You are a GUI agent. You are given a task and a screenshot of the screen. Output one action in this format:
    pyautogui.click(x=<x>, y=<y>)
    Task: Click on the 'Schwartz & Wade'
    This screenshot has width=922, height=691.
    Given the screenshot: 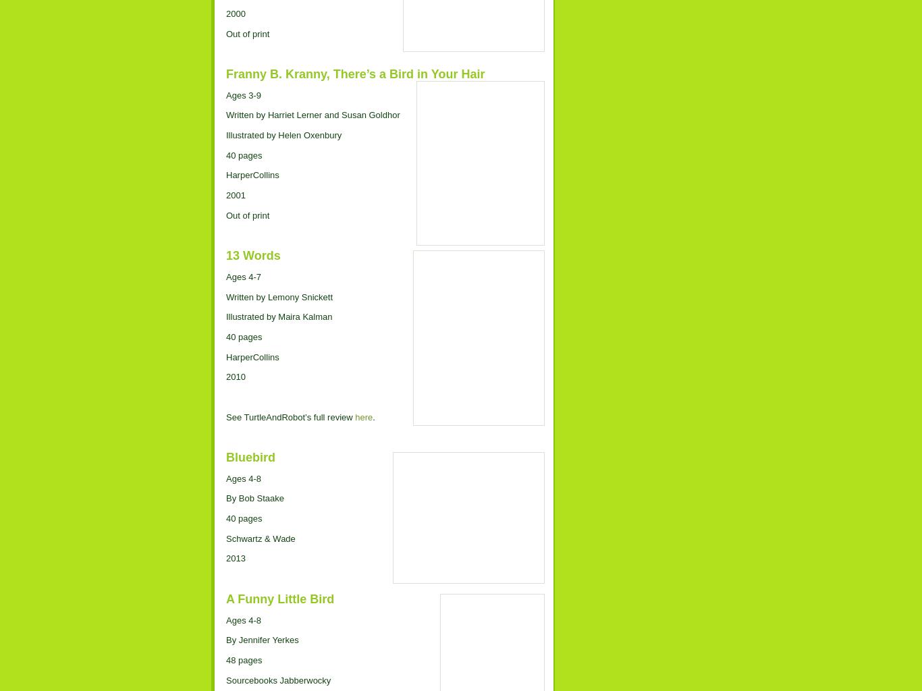 What is the action you would take?
    pyautogui.click(x=260, y=538)
    